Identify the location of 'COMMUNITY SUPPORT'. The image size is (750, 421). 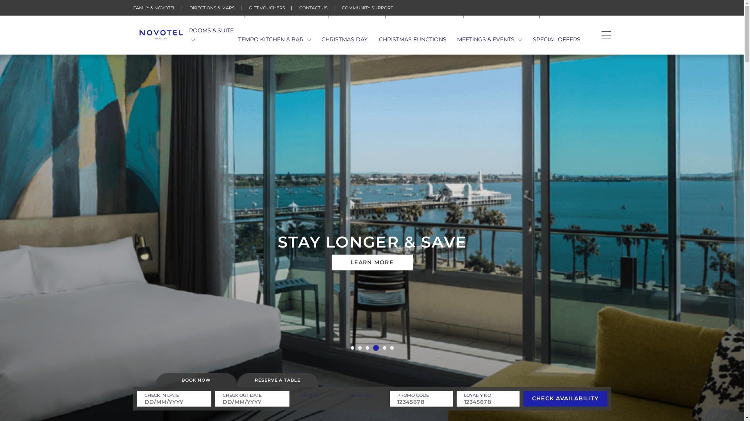
(366, 7).